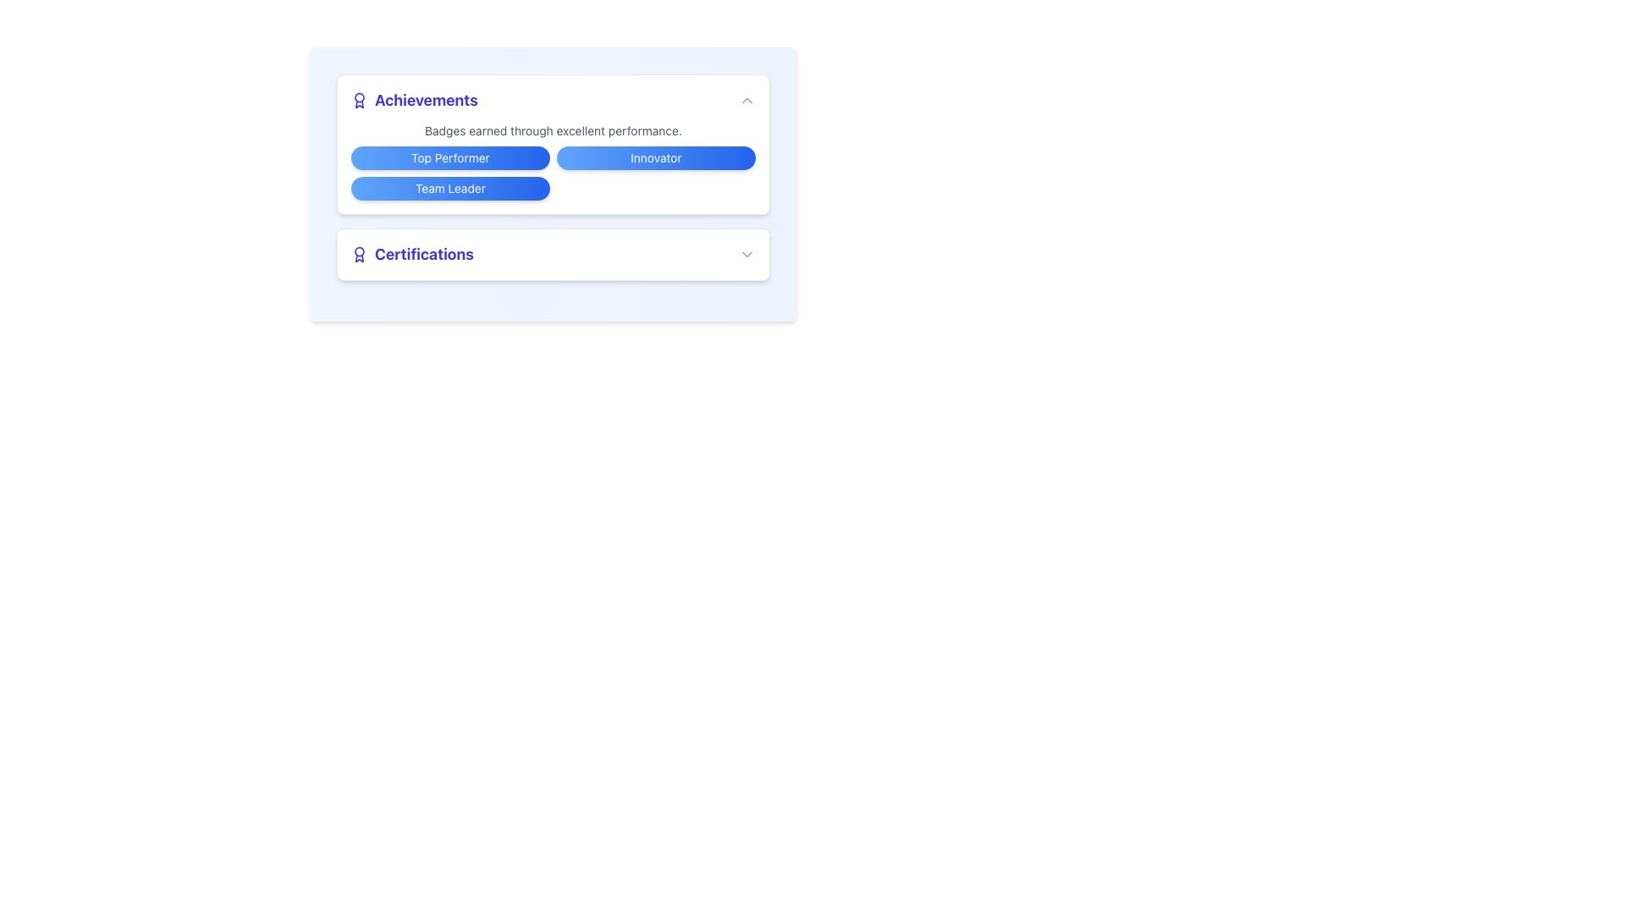 Image resolution: width=1625 pixels, height=914 pixels. I want to click on the decorative icon located to the left of the 'Achievements' text in the top-left corner of the 'Achievements' card, so click(359, 101).